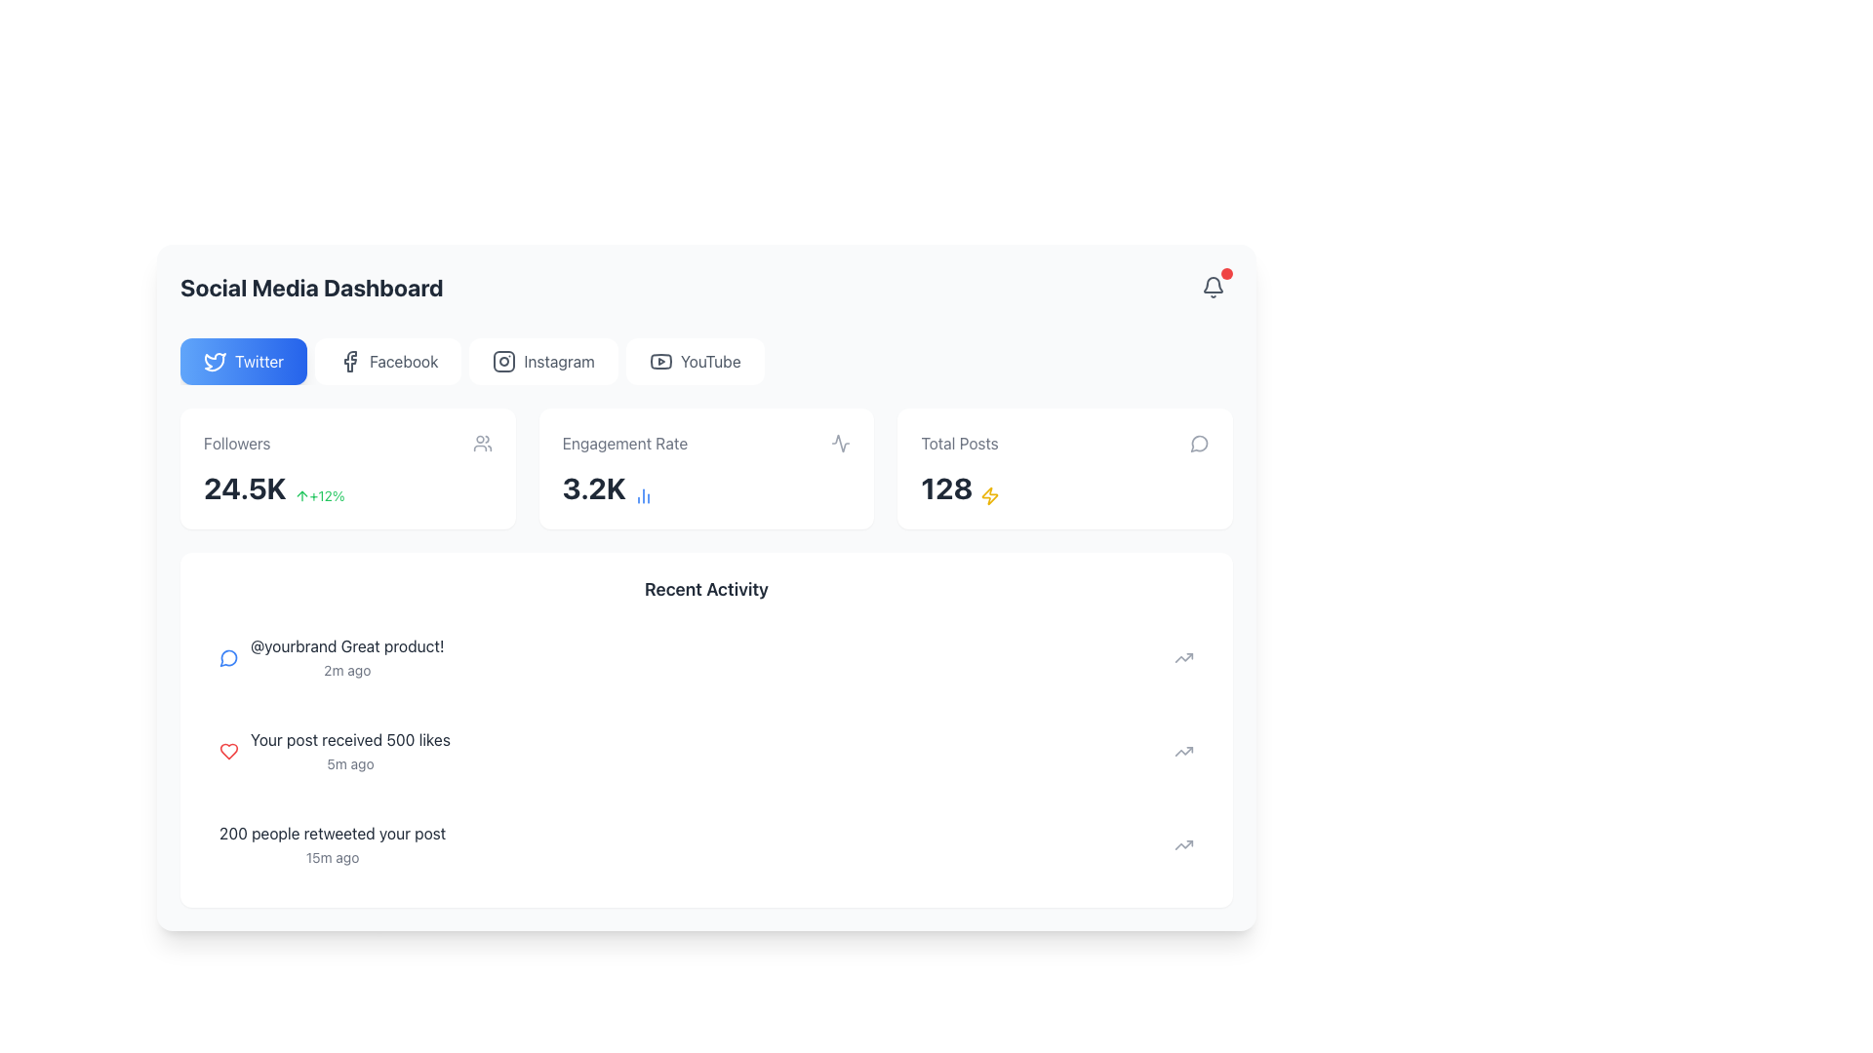  I want to click on the appearance of the background shape that serves as a structural element for the Instagram button, located within the navigation options in the dashboard's header section, so click(504, 361).